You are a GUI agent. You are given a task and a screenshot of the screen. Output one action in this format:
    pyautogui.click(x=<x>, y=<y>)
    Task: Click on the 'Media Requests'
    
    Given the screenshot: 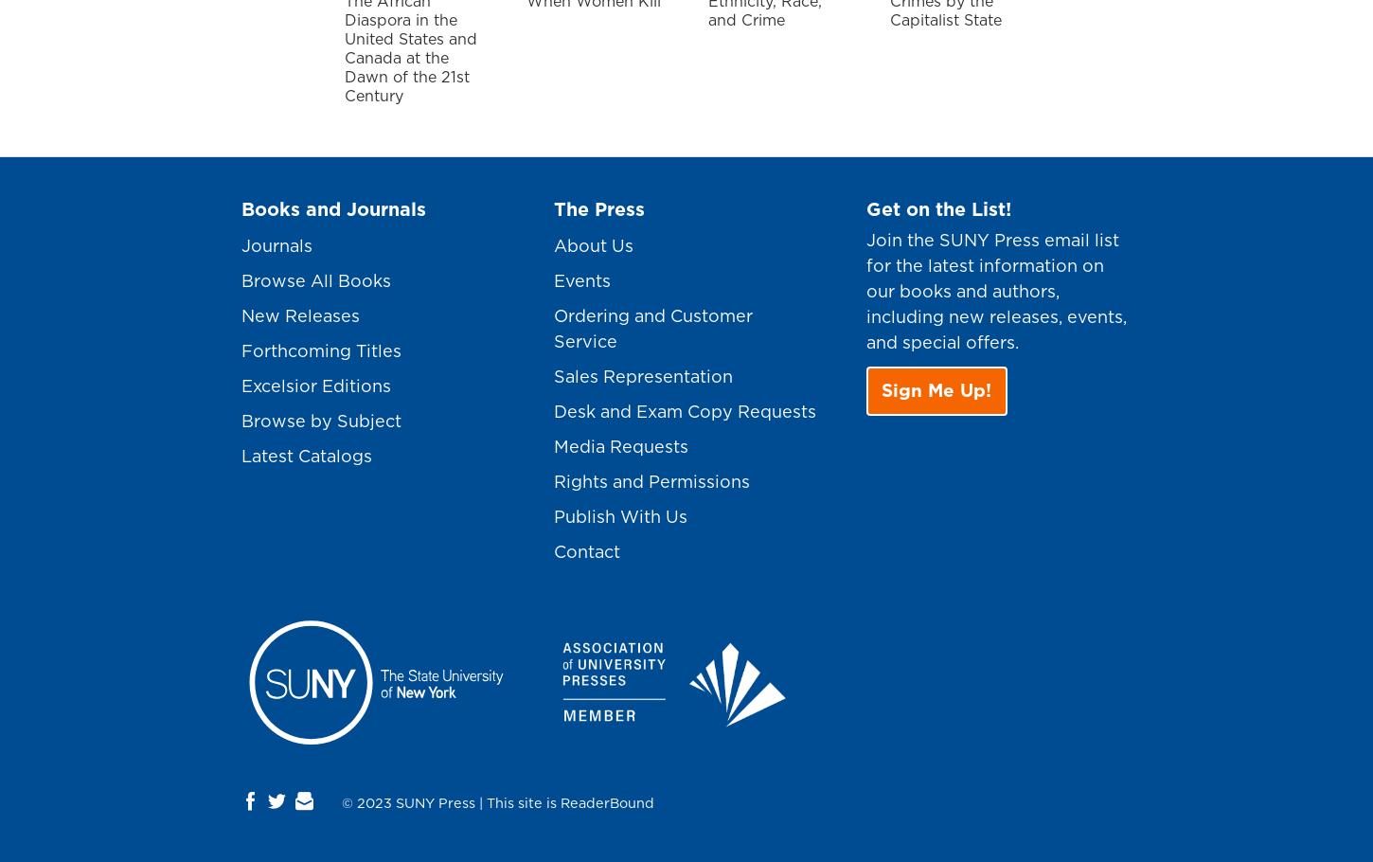 What is the action you would take?
    pyautogui.click(x=553, y=445)
    